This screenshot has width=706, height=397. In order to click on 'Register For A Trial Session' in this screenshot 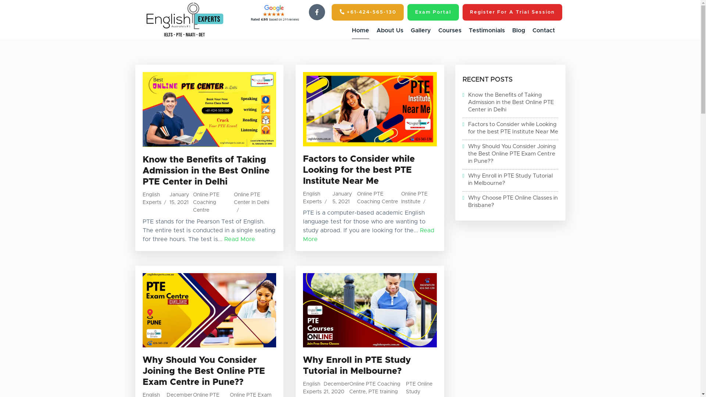, I will do `click(512, 12)`.